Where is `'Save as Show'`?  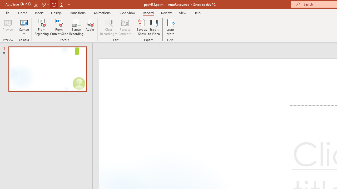 'Save as Show' is located at coordinates (142, 27).